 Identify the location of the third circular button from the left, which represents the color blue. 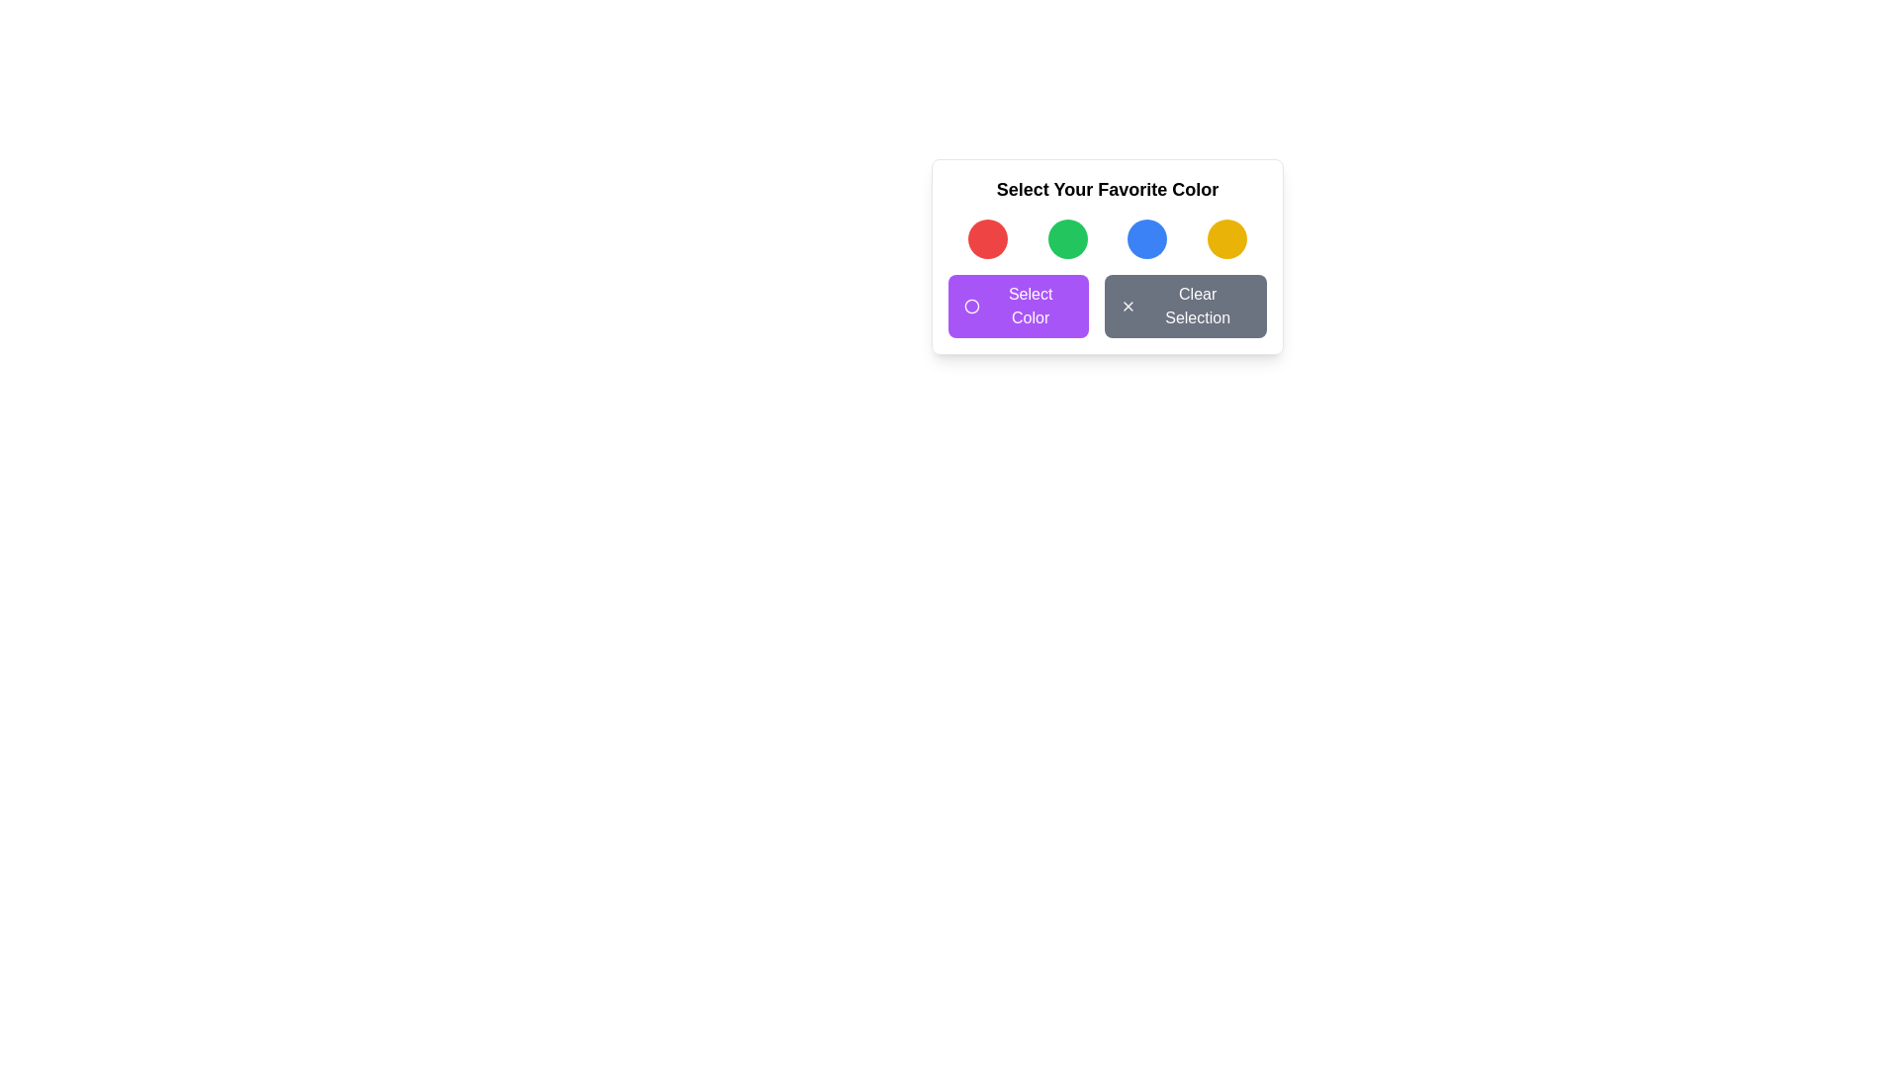
(1147, 238).